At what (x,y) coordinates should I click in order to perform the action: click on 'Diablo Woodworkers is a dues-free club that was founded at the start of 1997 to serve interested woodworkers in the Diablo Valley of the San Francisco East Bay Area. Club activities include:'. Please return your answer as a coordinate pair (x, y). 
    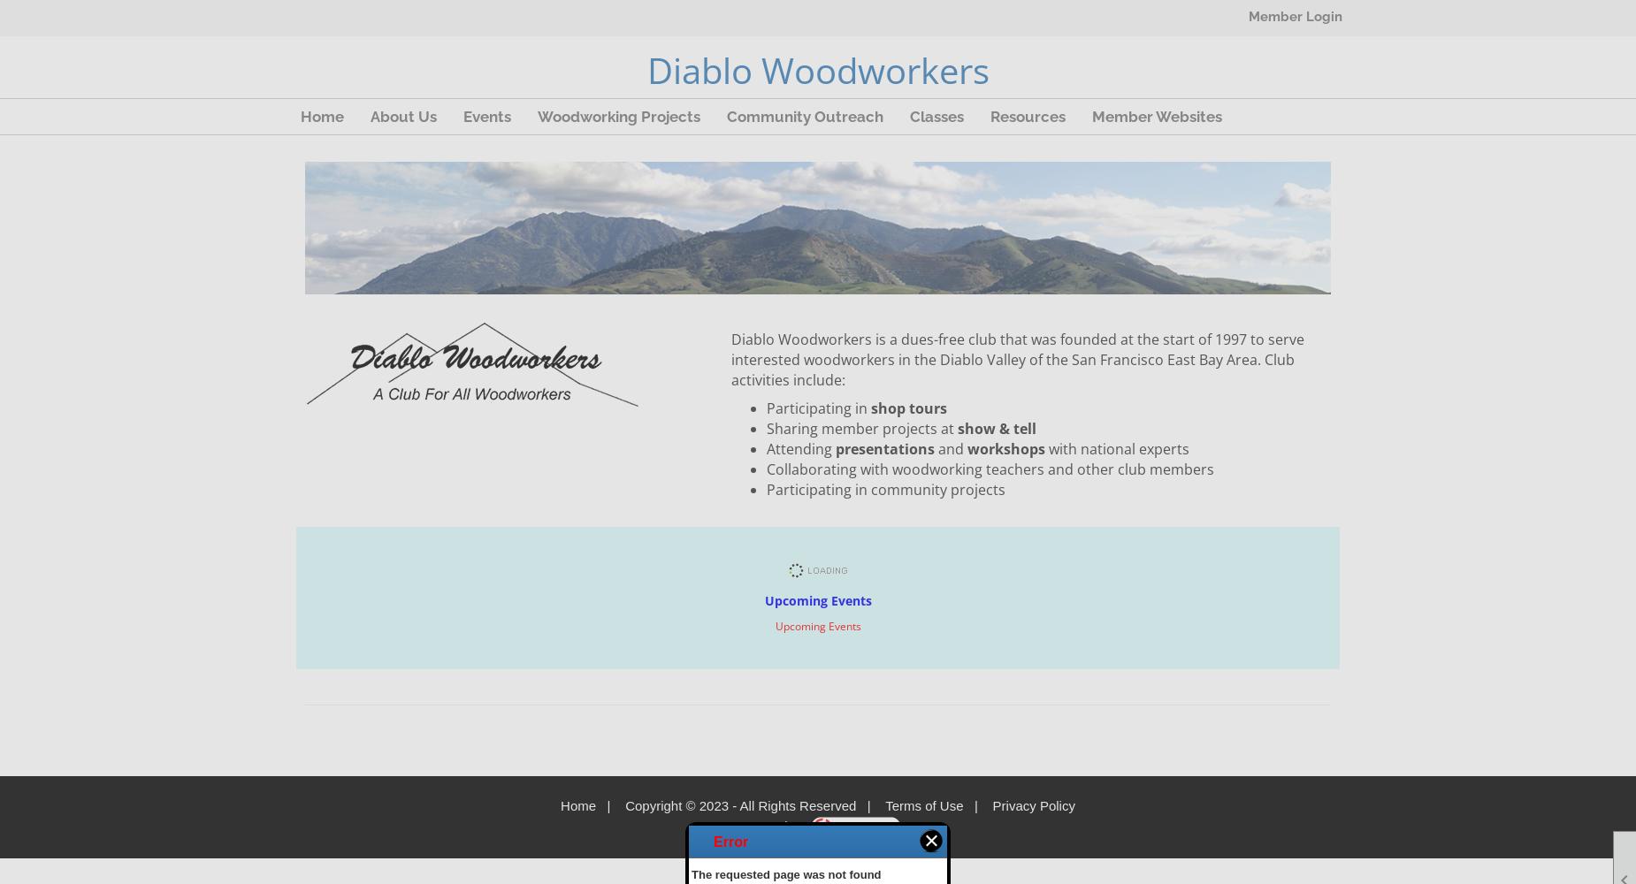
    Looking at the image, I should click on (1017, 359).